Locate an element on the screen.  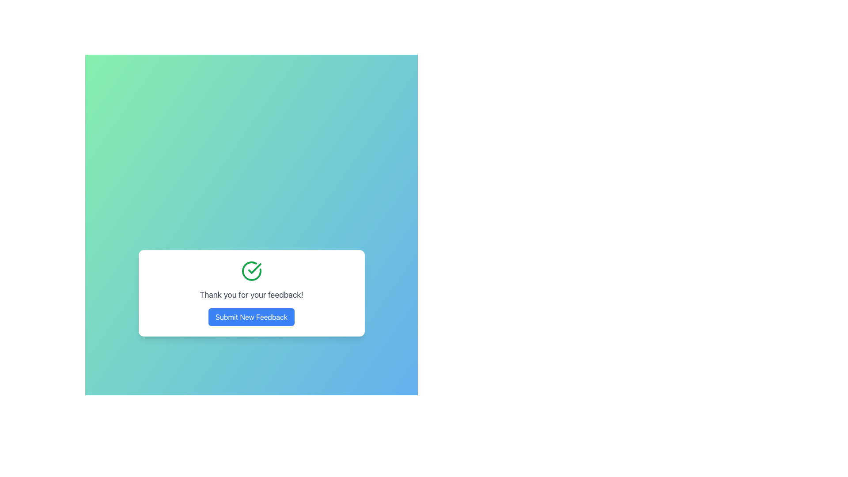
the 'Submit New Feedback' button located at the bottom of the feedback modal for keyboard interaction is located at coordinates (251, 316).